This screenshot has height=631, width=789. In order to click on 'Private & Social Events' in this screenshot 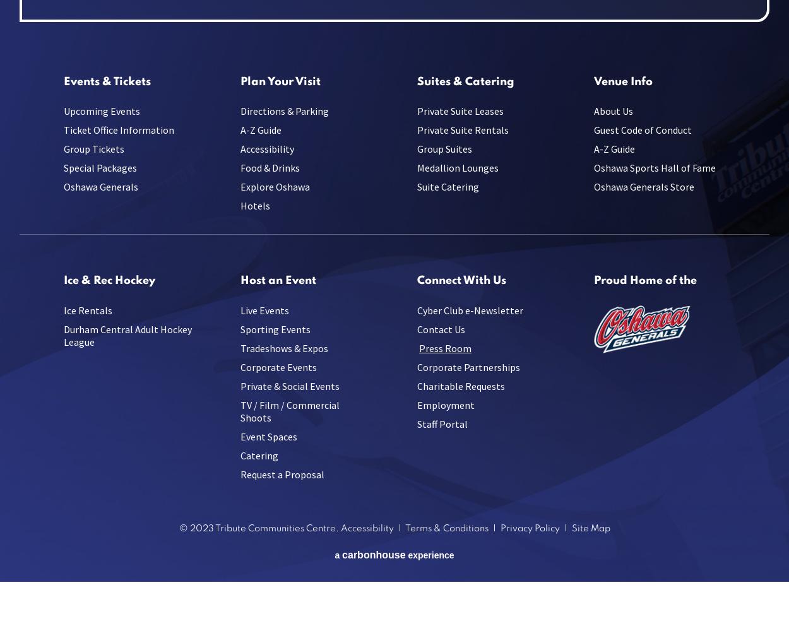, I will do `click(240, 385)`.